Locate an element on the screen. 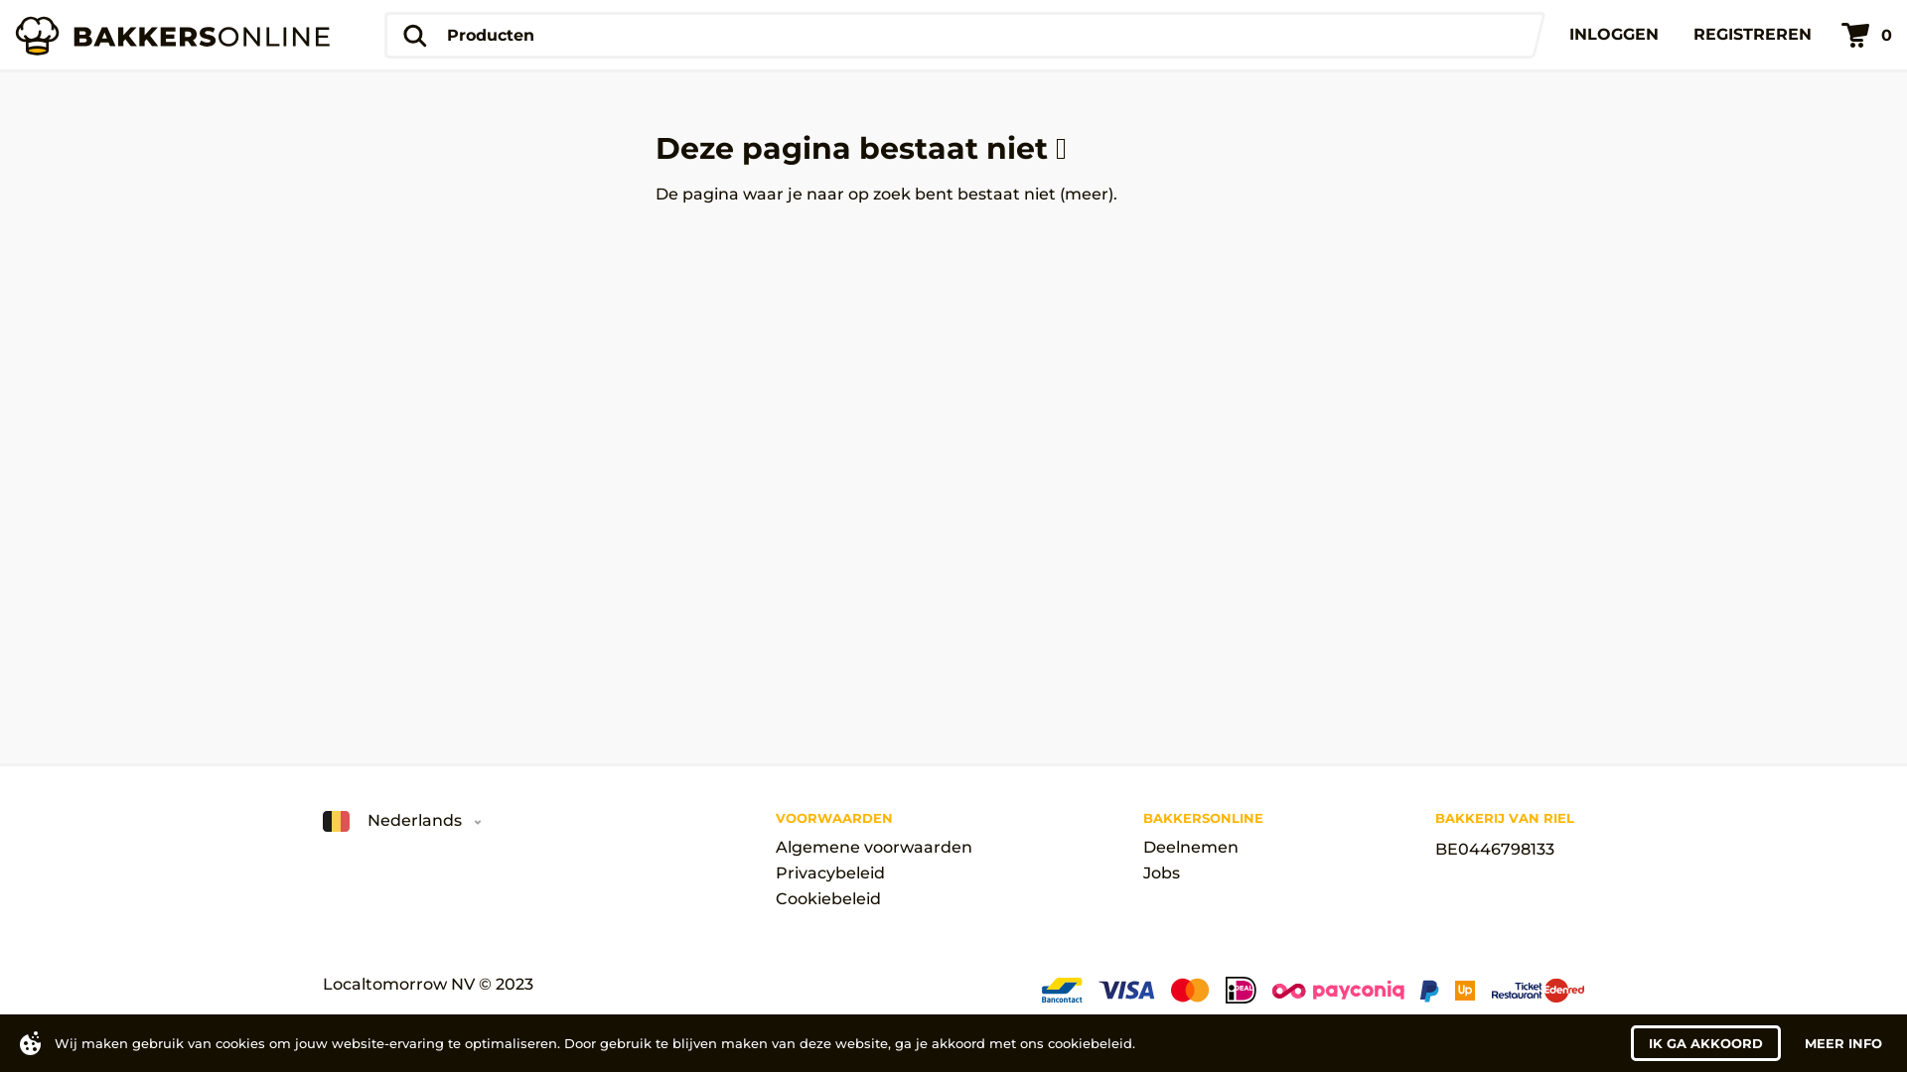 This screenshot has width=1907, height=1072. 'REGISTREREN' is located at coordinates (1752, 34).